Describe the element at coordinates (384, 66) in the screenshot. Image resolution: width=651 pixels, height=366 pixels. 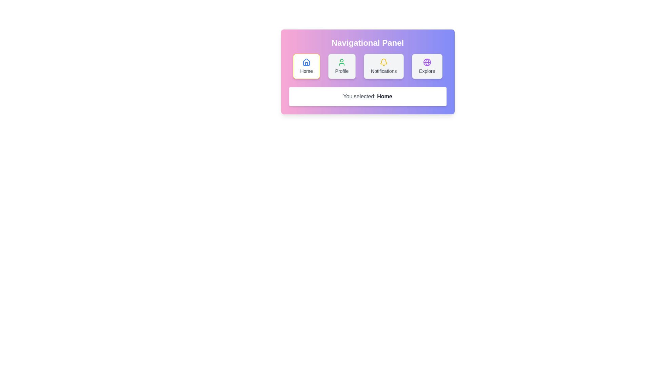
I see `the Notifications button located in the horizontal navigation bar` at that location.